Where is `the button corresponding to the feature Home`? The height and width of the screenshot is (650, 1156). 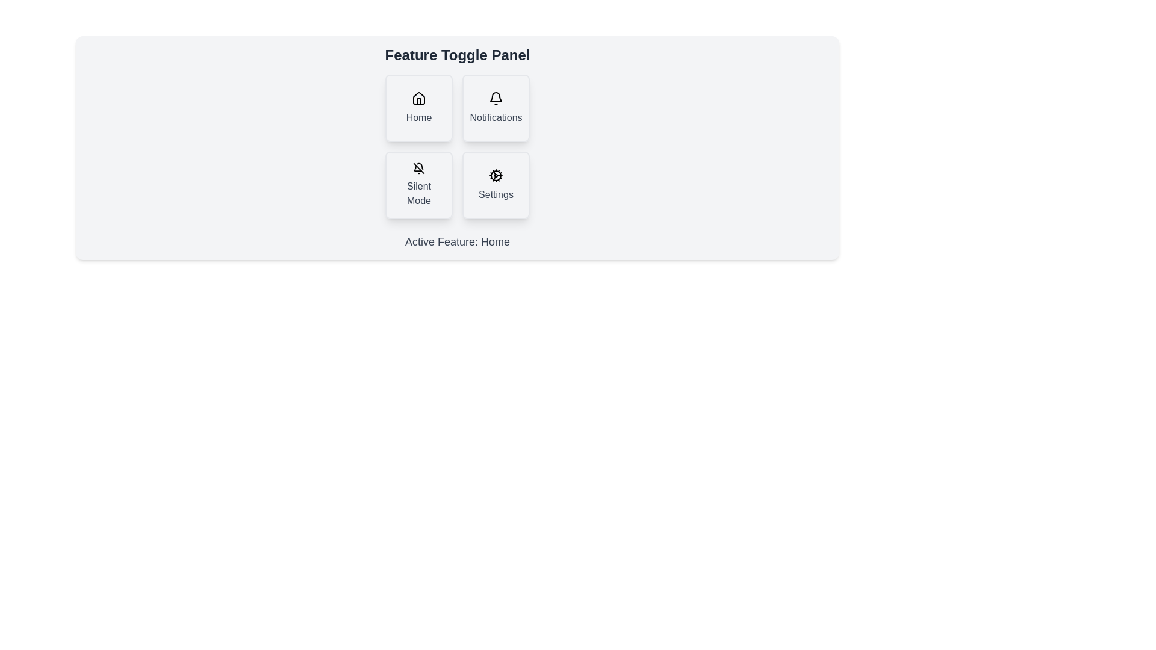
the button corresponding to the feature Home is located at coordinates (419, 108).